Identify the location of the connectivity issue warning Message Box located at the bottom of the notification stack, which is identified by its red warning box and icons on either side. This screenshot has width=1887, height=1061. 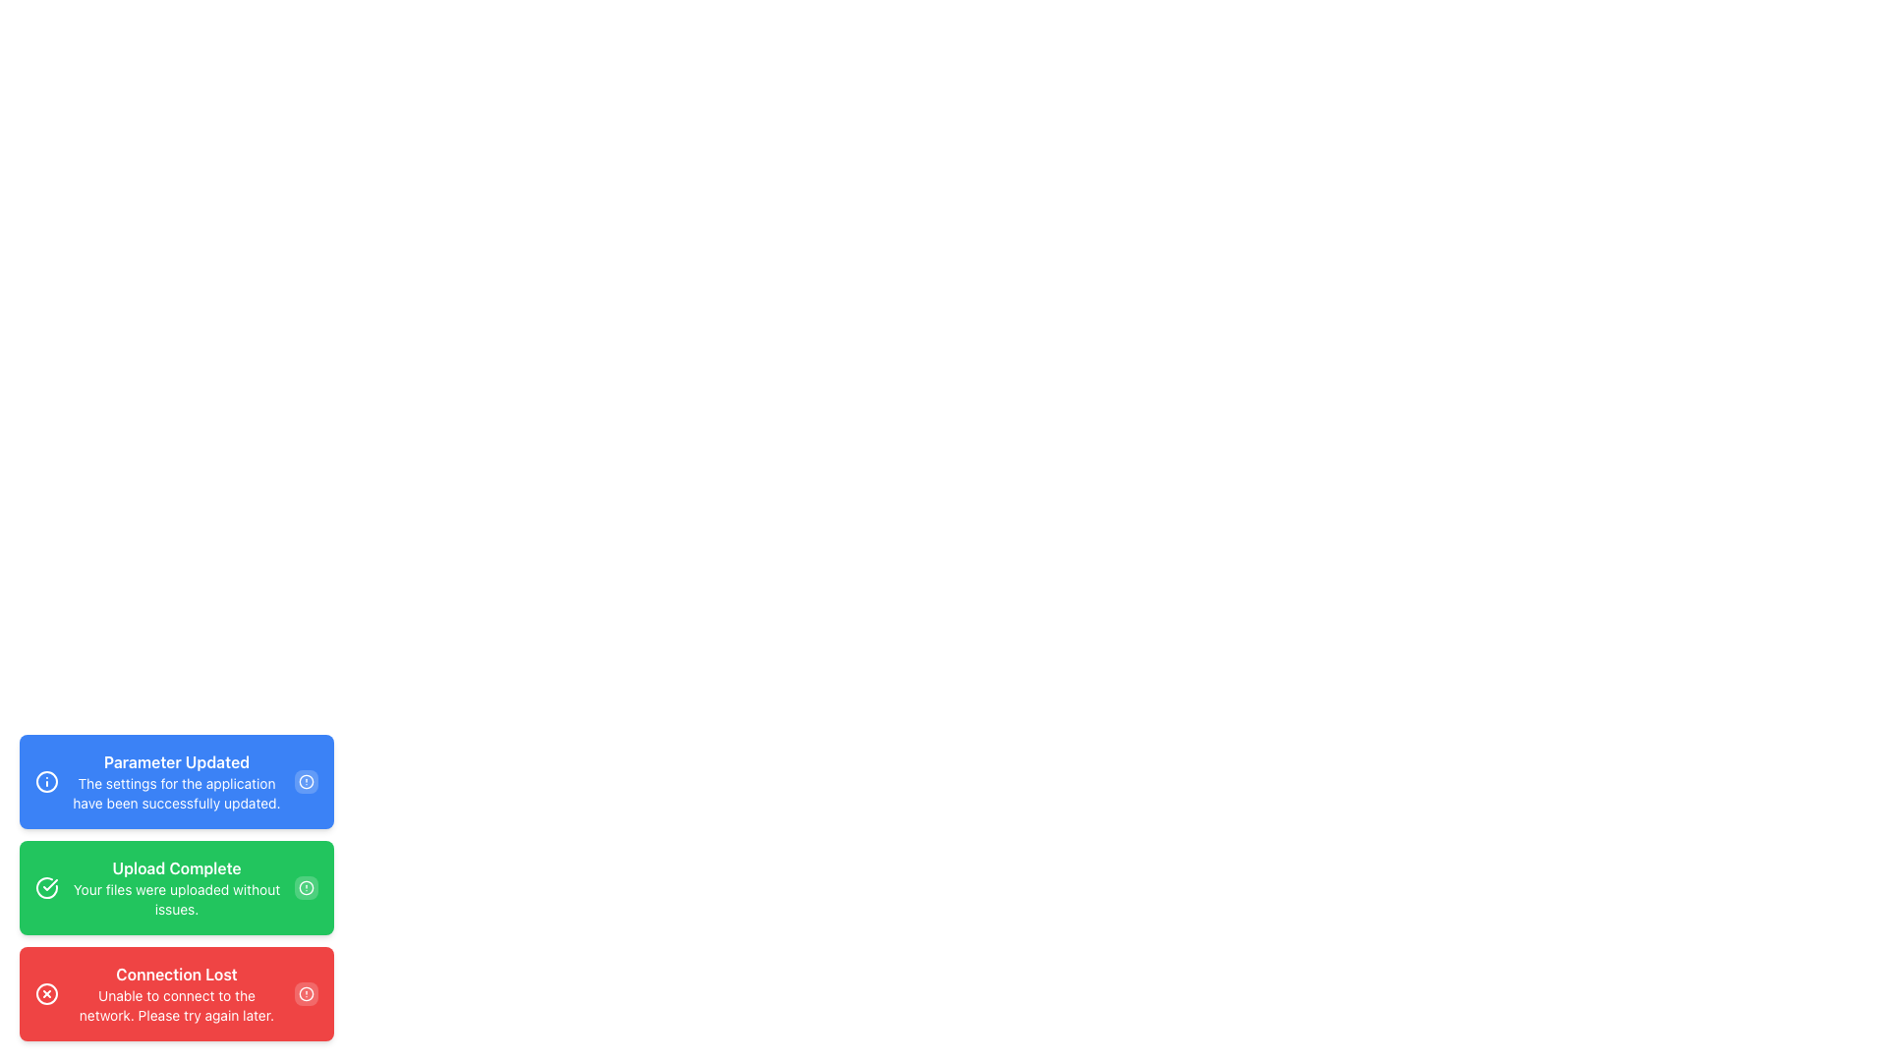
(177, 993).